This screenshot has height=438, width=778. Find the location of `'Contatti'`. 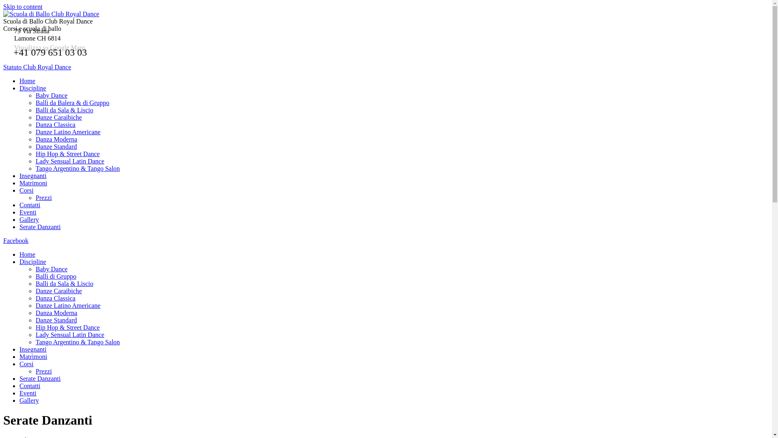

'Contatti' is located at coordinates (30, 385).